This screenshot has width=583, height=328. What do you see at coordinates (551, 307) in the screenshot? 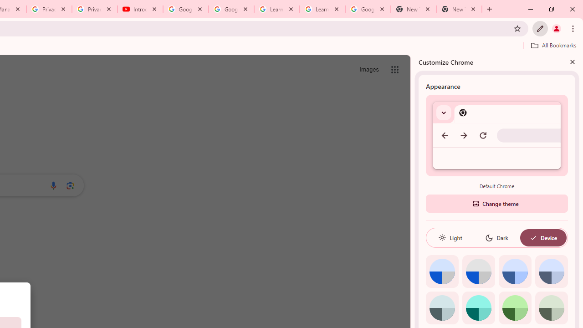
I see `'Viridian'` at bounding box center [551, 307].